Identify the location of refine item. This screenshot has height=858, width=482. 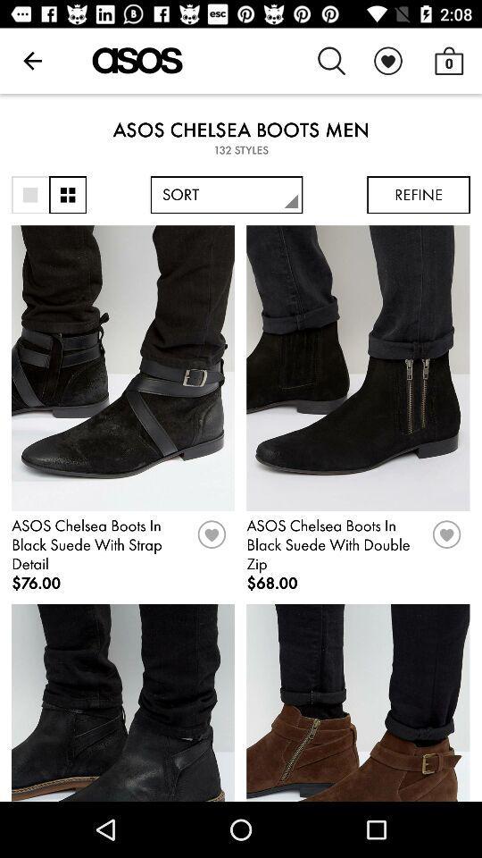
(419, 195).